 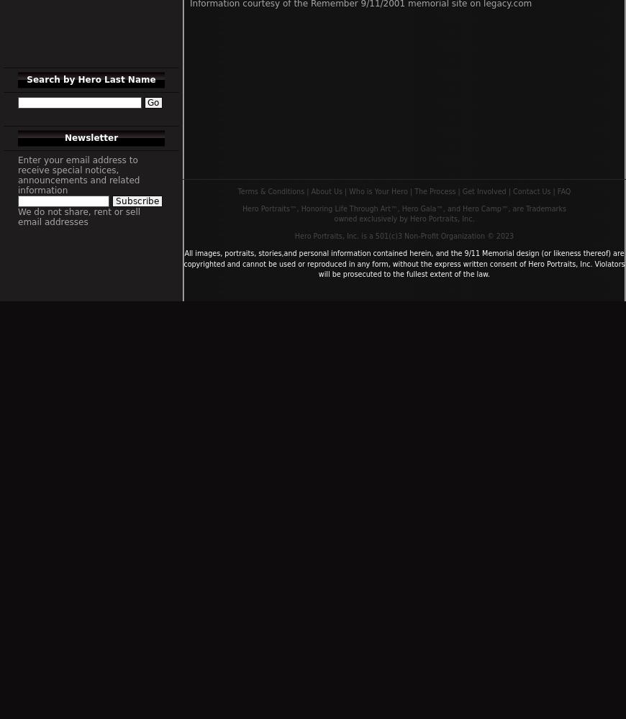 I want to click on 'Hero Portraits™, Honoring Life Through Art™, Hero Gala™, and Hero Camp™, are Trademarks', so click(x=403, y=208).